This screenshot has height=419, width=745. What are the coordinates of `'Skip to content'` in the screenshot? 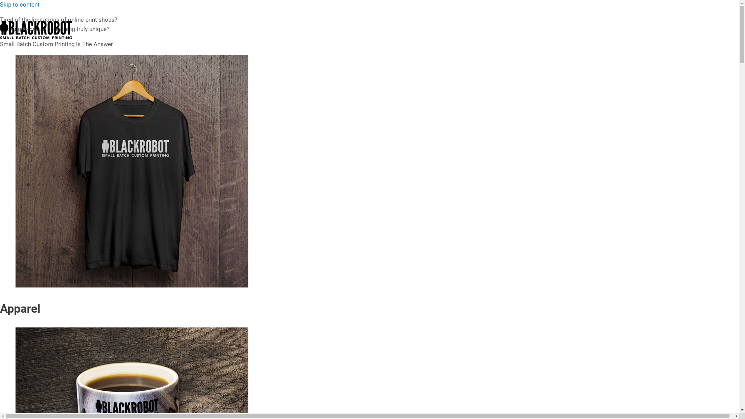 It's located at (0, 4).